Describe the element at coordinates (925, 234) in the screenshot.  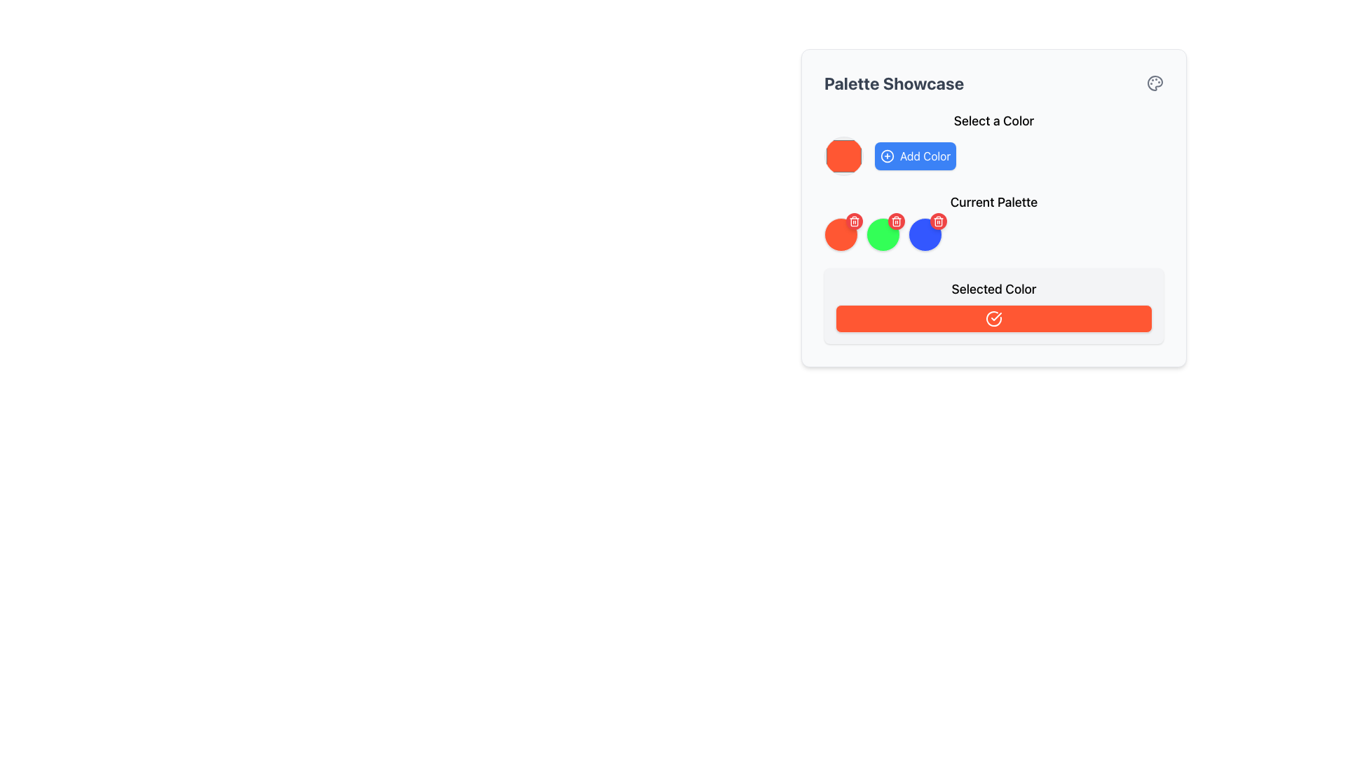
I see `the remove icon on the circular color palette, which is the third icon in the 'Current Palette' section` at that location.